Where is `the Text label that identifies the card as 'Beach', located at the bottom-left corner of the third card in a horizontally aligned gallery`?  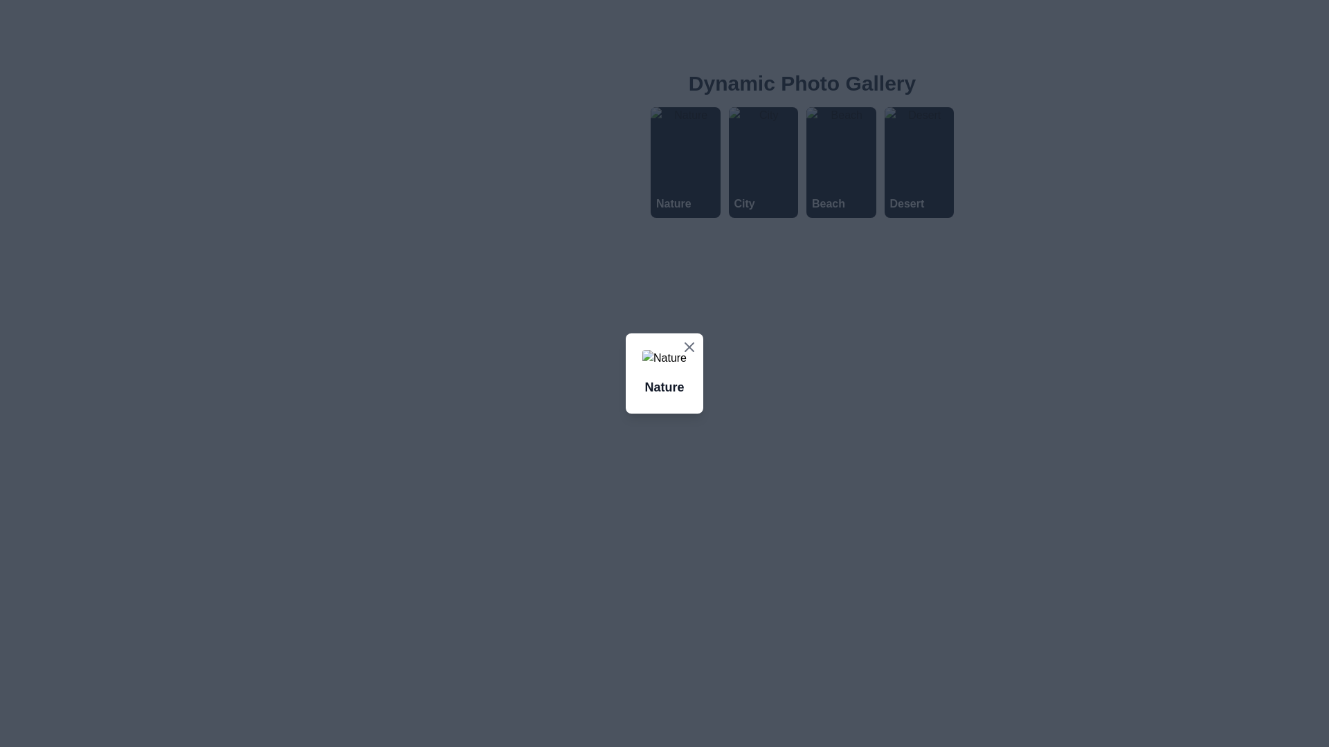 the Text label that identifies the card as 'Beach', located at the bottom-left corner of the third card in a horizontally aligned gallery is located at coordinates (828, 203).